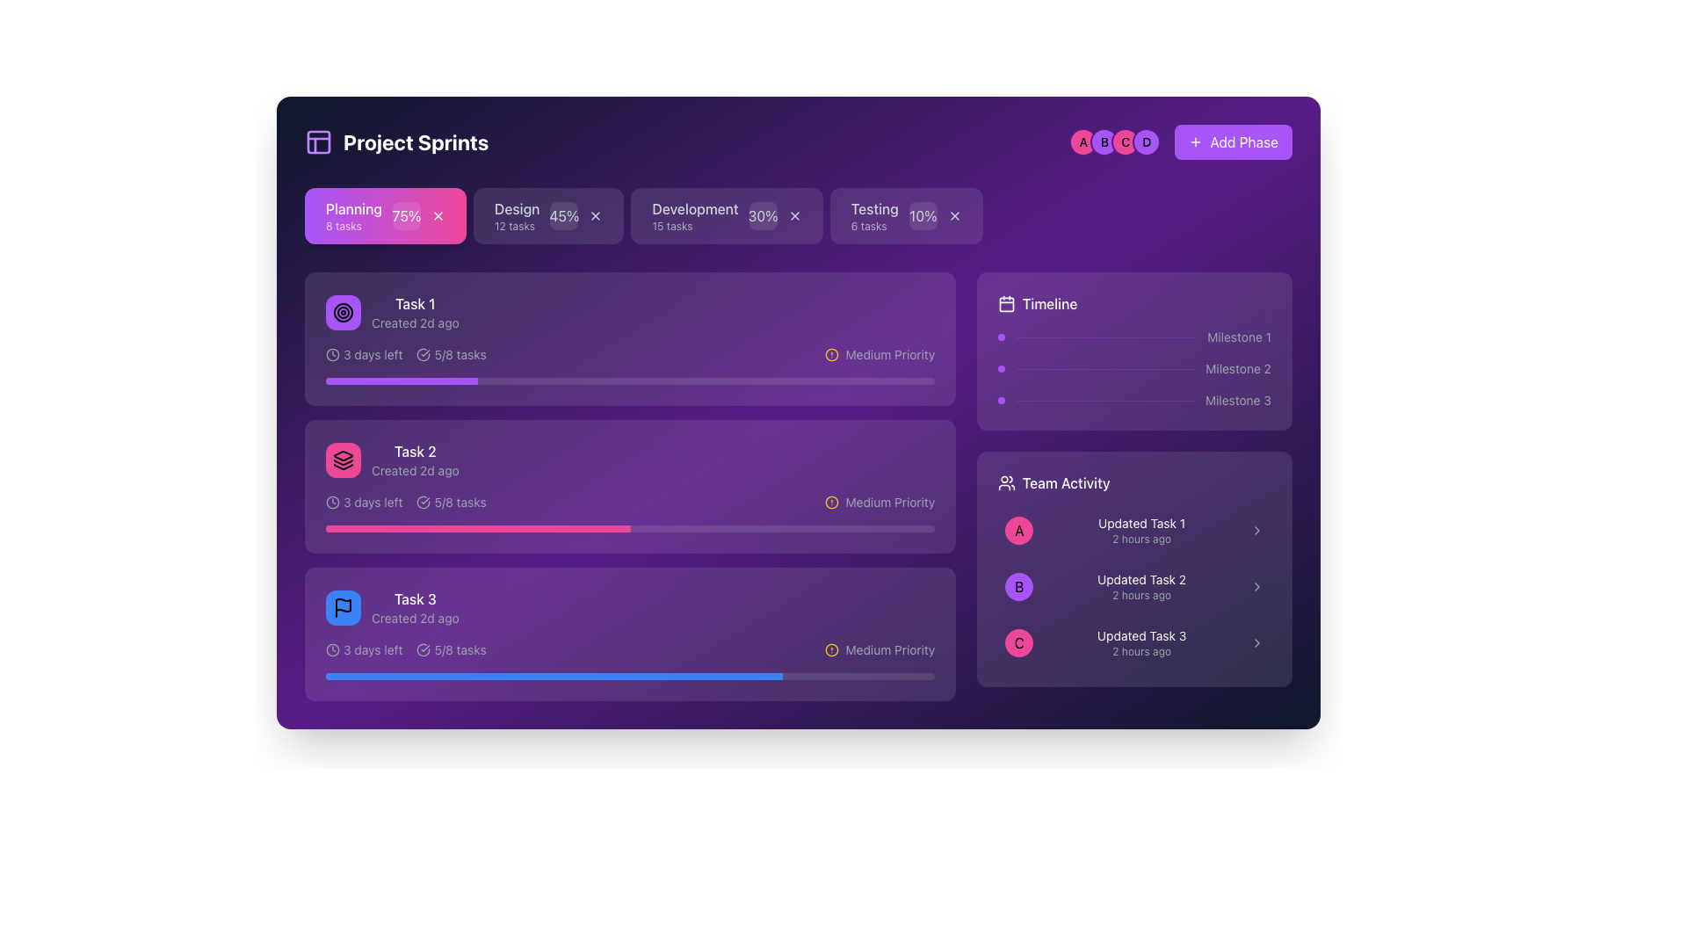 This screenshot has width=1687, height=949. I want to click on the 'Development' text label, which is styled in medium-weight font on a purple background, so click(694, 208).